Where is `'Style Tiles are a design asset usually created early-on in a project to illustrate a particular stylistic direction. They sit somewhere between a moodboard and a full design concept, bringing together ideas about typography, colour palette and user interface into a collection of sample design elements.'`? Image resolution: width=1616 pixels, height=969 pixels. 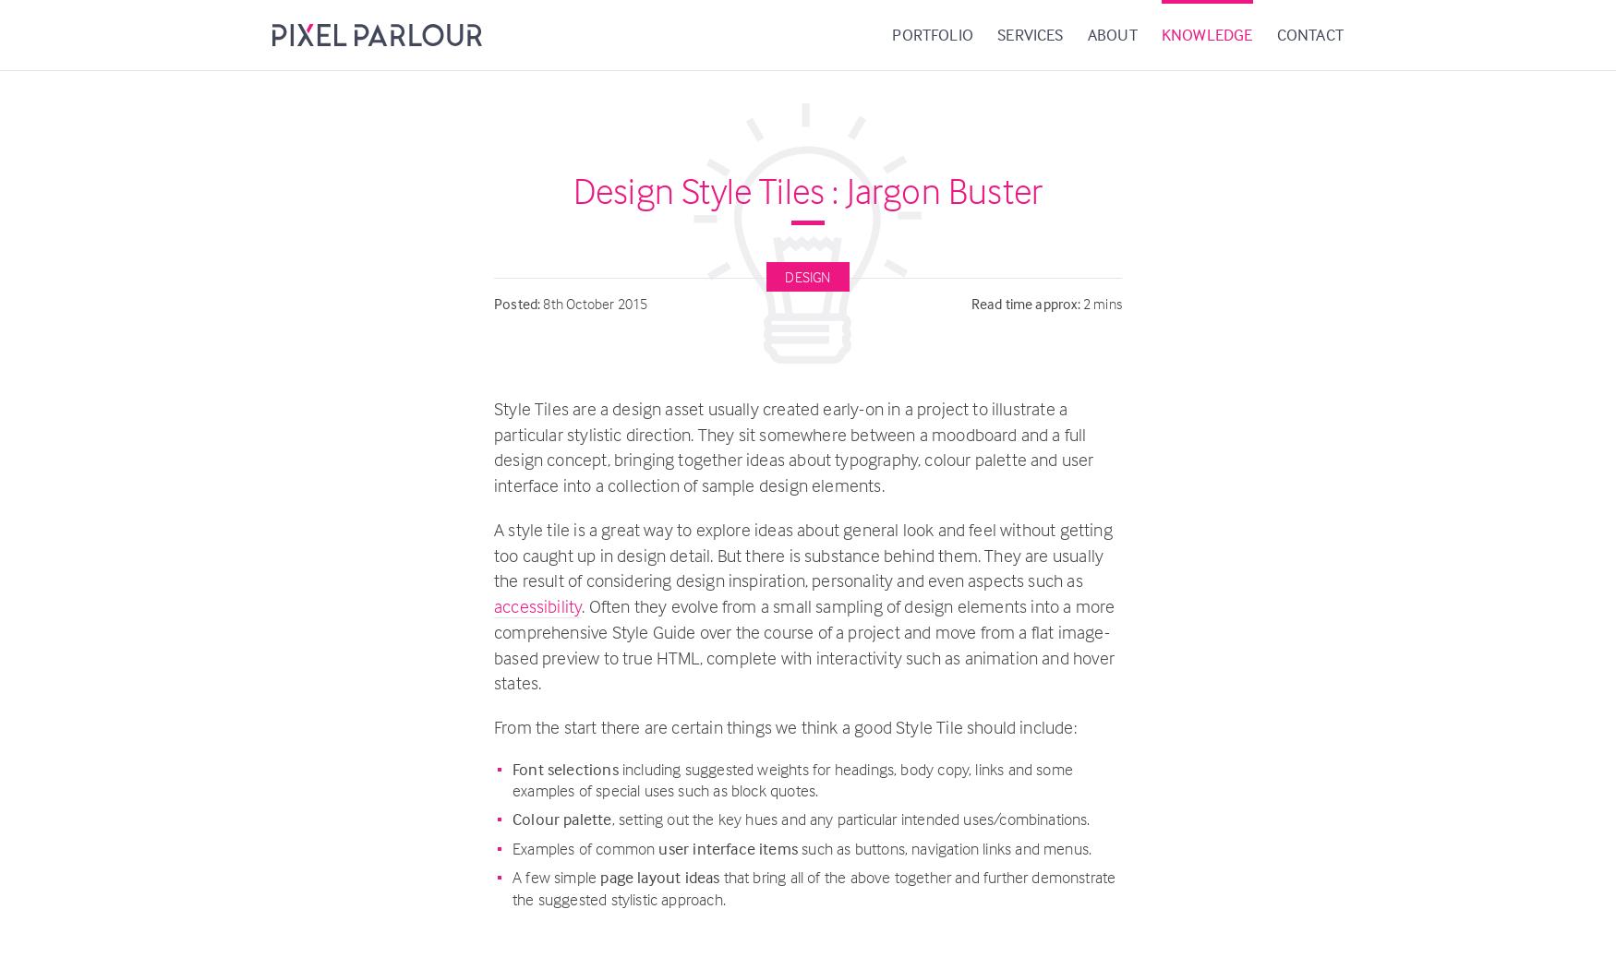
'Style Tiles are a design asset usually created early-on in a project to illustrate a particular stylistic direction. They sit somewhere between a moodboard and a full design concept, bringing together ideas about typography, colour palette and user interface into a collection of sample design elements.' is located at coordinates (492, 447).